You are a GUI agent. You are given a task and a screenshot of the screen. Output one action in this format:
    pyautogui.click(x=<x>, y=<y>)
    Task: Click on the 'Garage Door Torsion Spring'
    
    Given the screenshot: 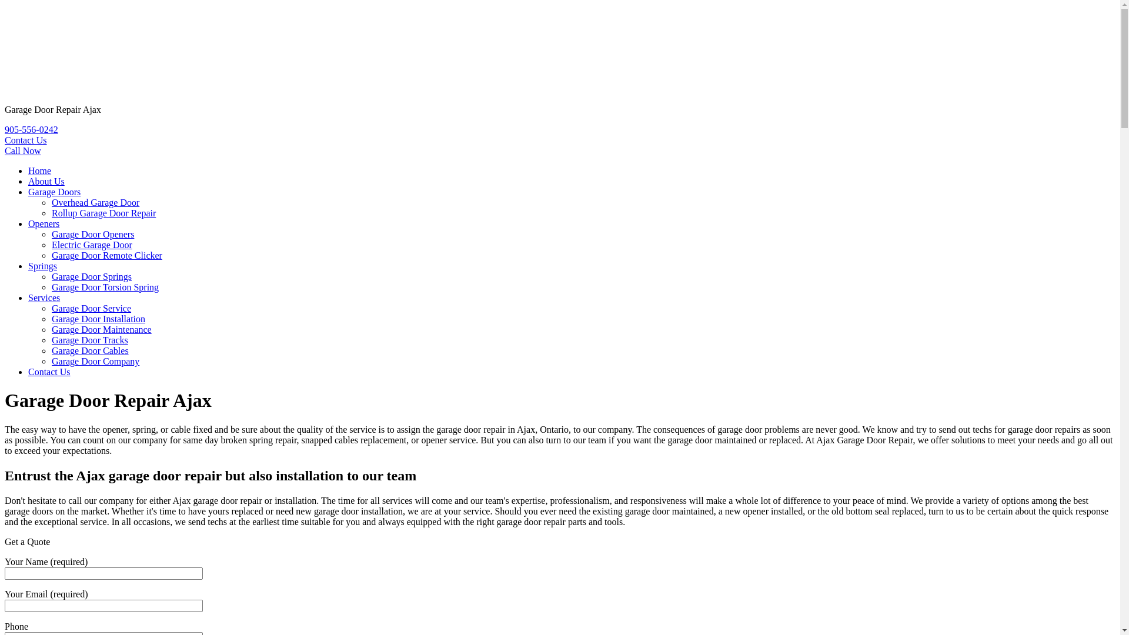 What is the action you would take?
    pyautogui.click(x=105, y=287)
    